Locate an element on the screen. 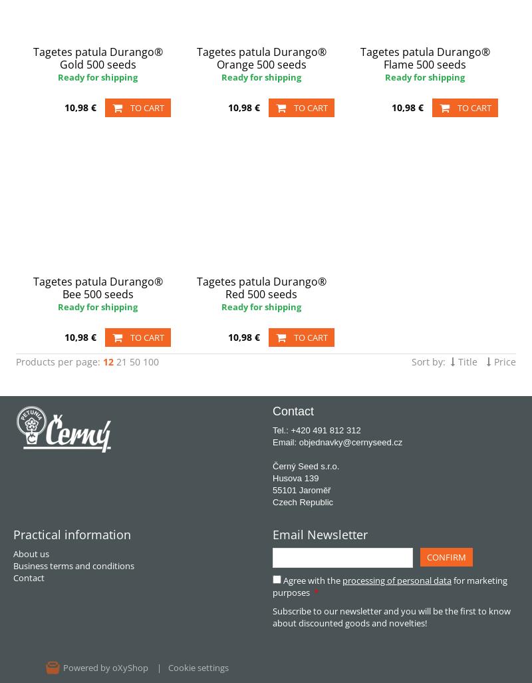 This screenshot has height=683, width=532. 'About us' is located at coordinates (30, 553).